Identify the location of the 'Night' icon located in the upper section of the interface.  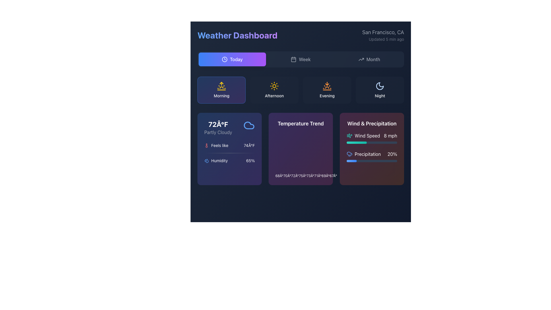
(380, 86).